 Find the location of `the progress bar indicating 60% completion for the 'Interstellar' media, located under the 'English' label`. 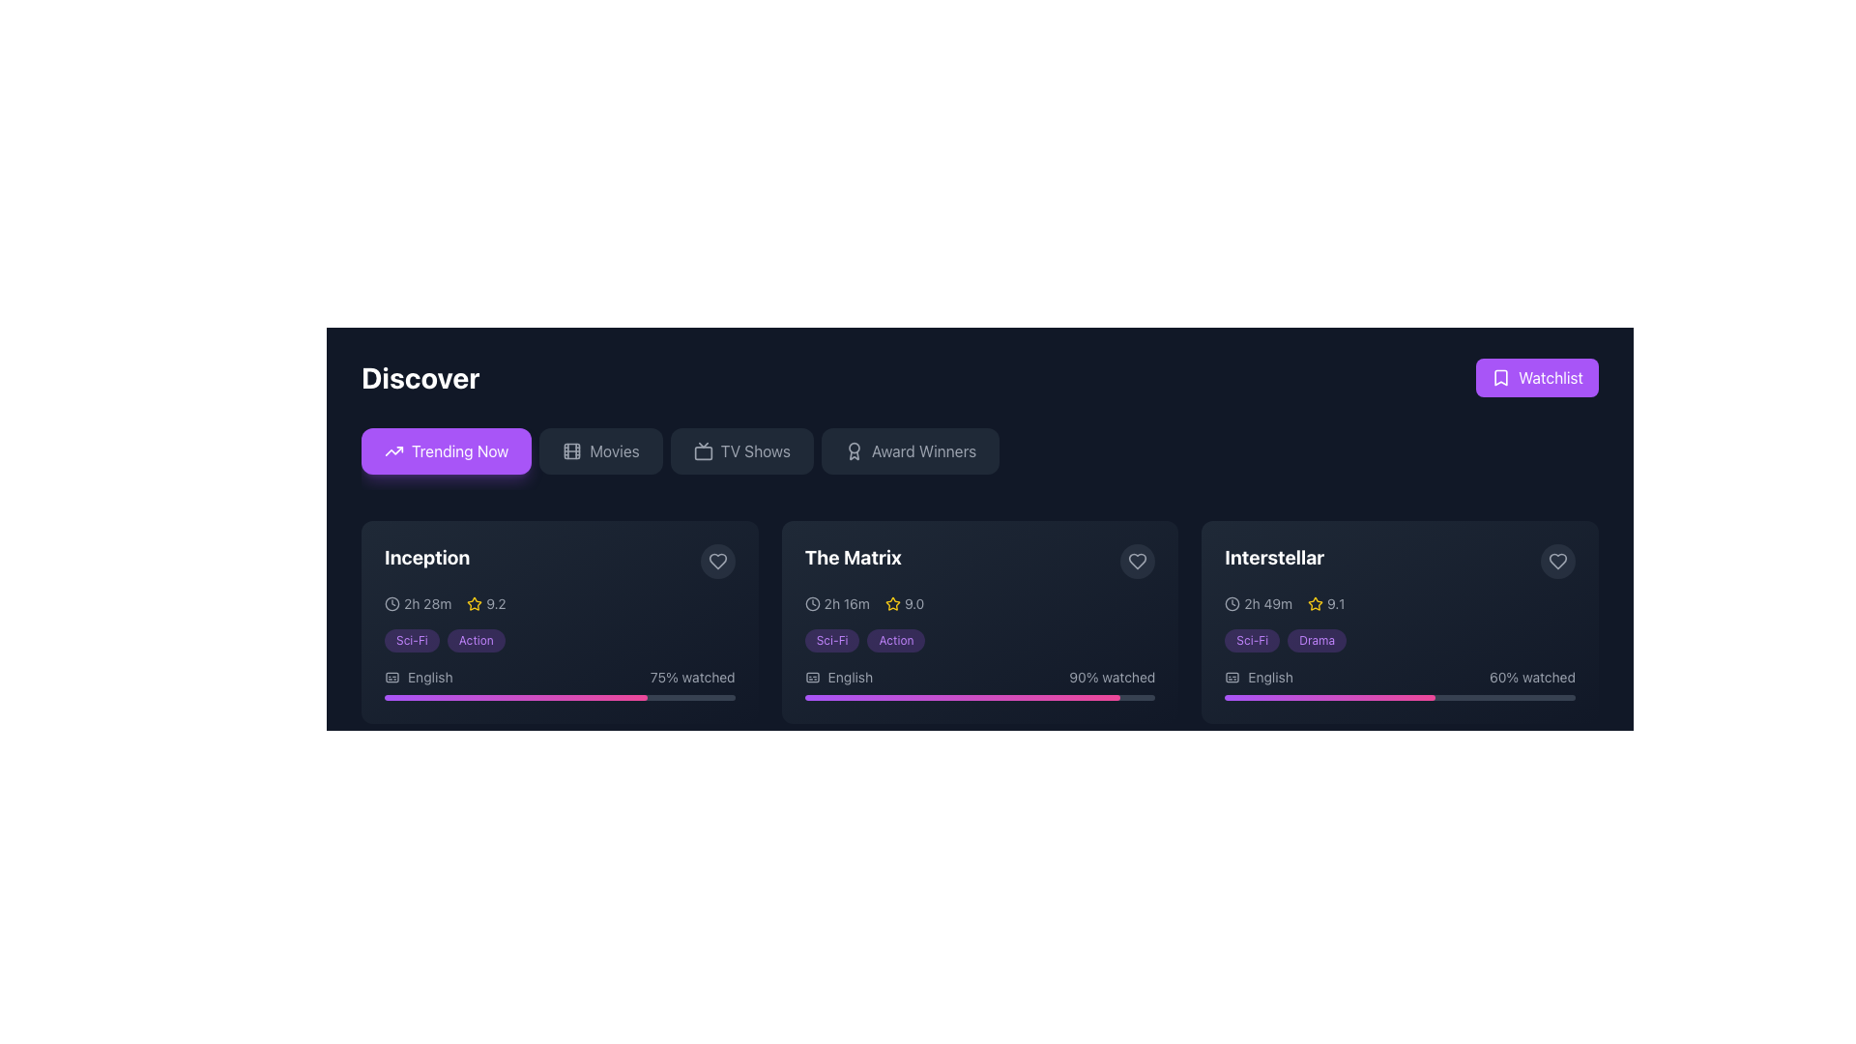

the progress bar indicating 60% completion for the 'Interstellar' media, located under the 'English' label is located at coordinates (1329, 697).